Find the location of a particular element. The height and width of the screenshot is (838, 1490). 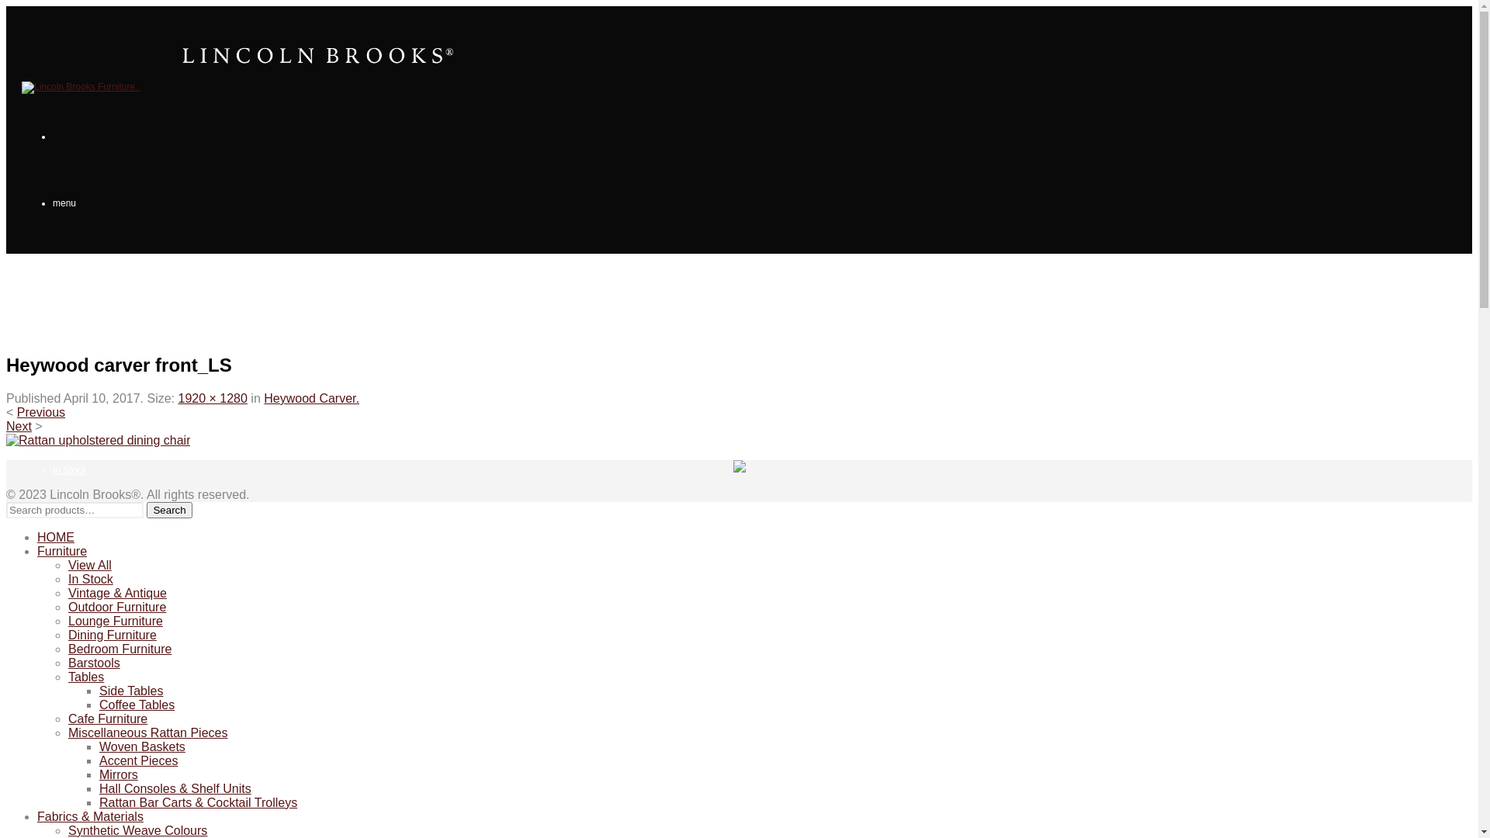

'Bedroom Furniture' is located at coordinates (91, 803).